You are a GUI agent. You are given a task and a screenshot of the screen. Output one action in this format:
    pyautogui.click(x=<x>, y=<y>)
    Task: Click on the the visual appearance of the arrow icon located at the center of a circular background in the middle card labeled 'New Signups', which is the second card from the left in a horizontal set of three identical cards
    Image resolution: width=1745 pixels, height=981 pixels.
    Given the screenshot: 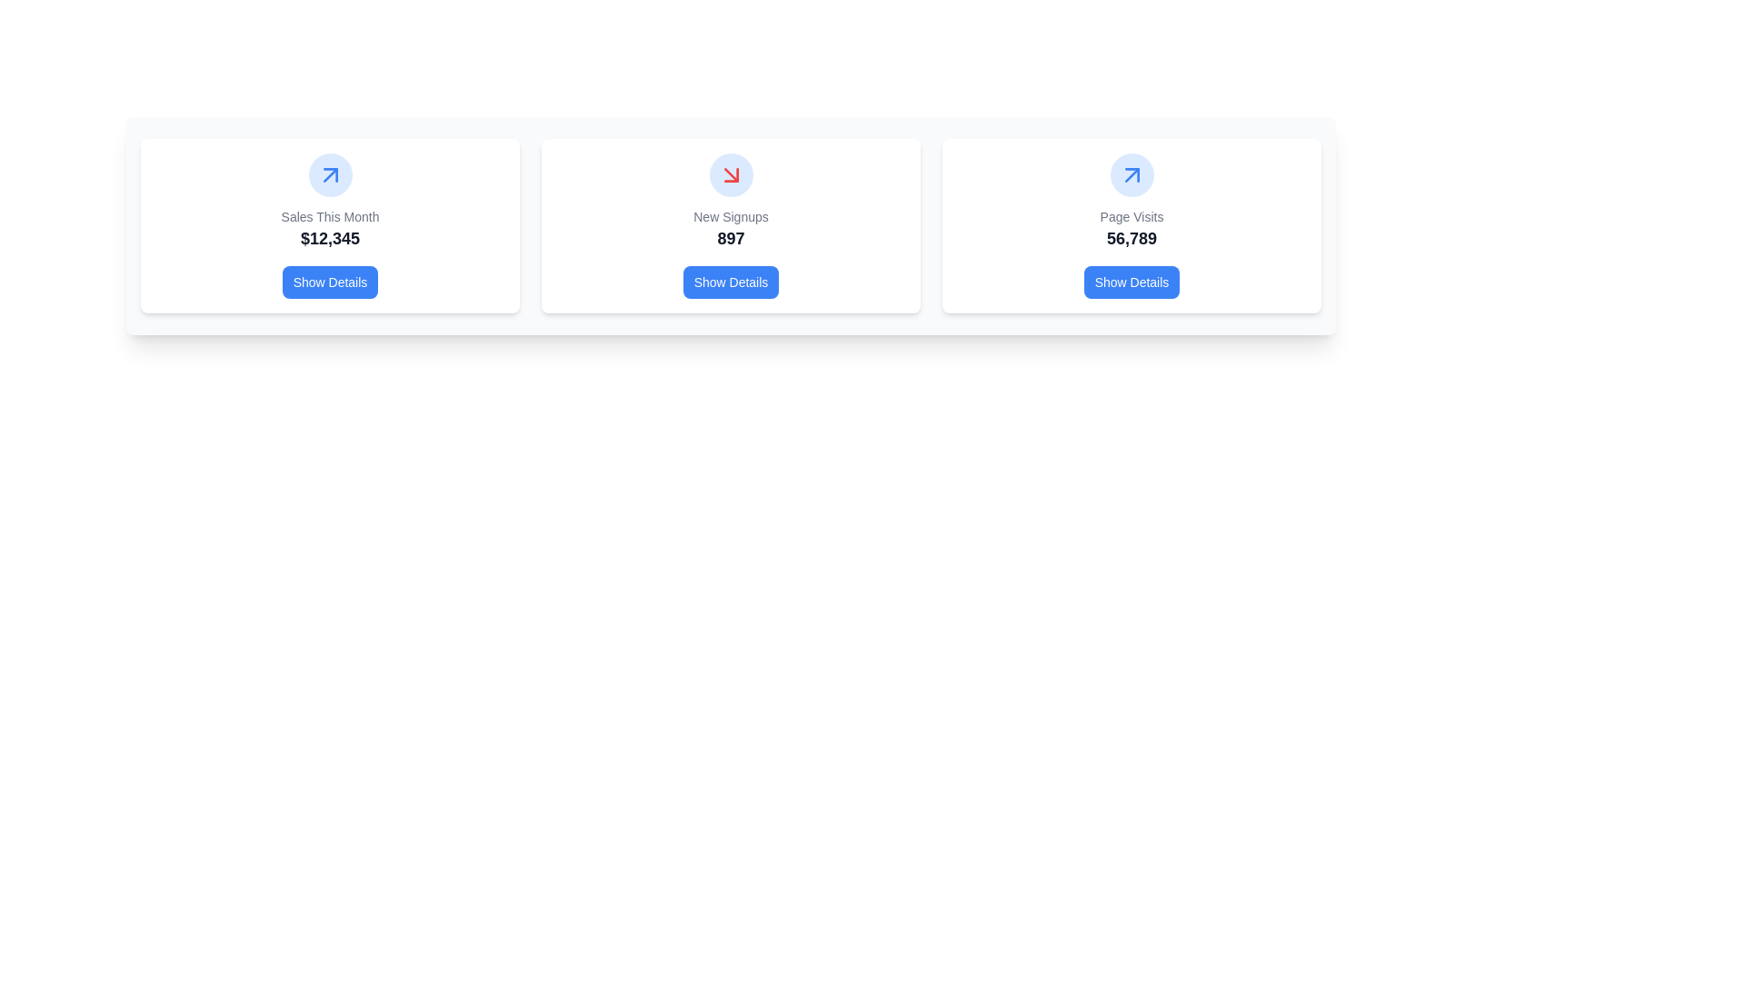 What is the action you would take?
    pyautogui.click(x=731, y=174)
    